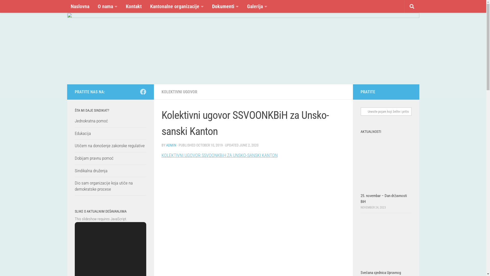 This screenshot has width=490, height=276. What do you see at coordinates (219, 155) in the screenshot?
I see `'KOLEKTIVNI UGOVOR SSVOONKBiH ZA UNSKO-SANSKI KANTON'` at bounding box center [219, 155].